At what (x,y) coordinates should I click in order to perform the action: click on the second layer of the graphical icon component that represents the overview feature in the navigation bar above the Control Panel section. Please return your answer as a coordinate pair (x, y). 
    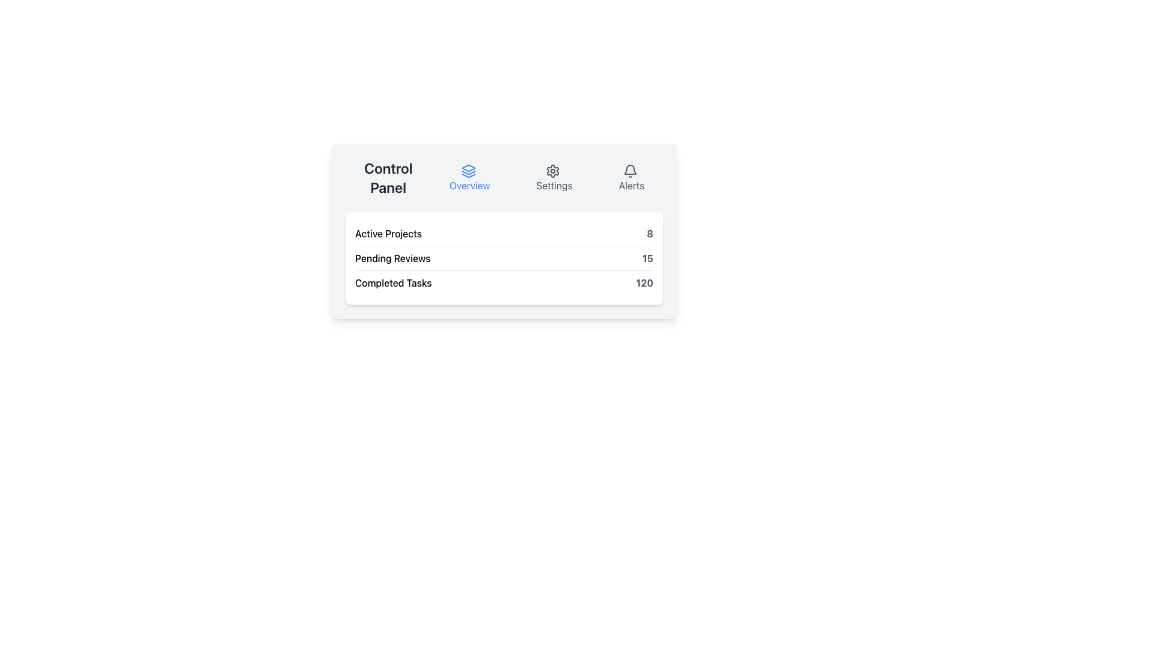
    Looking at the image, I should click on (468, 172).